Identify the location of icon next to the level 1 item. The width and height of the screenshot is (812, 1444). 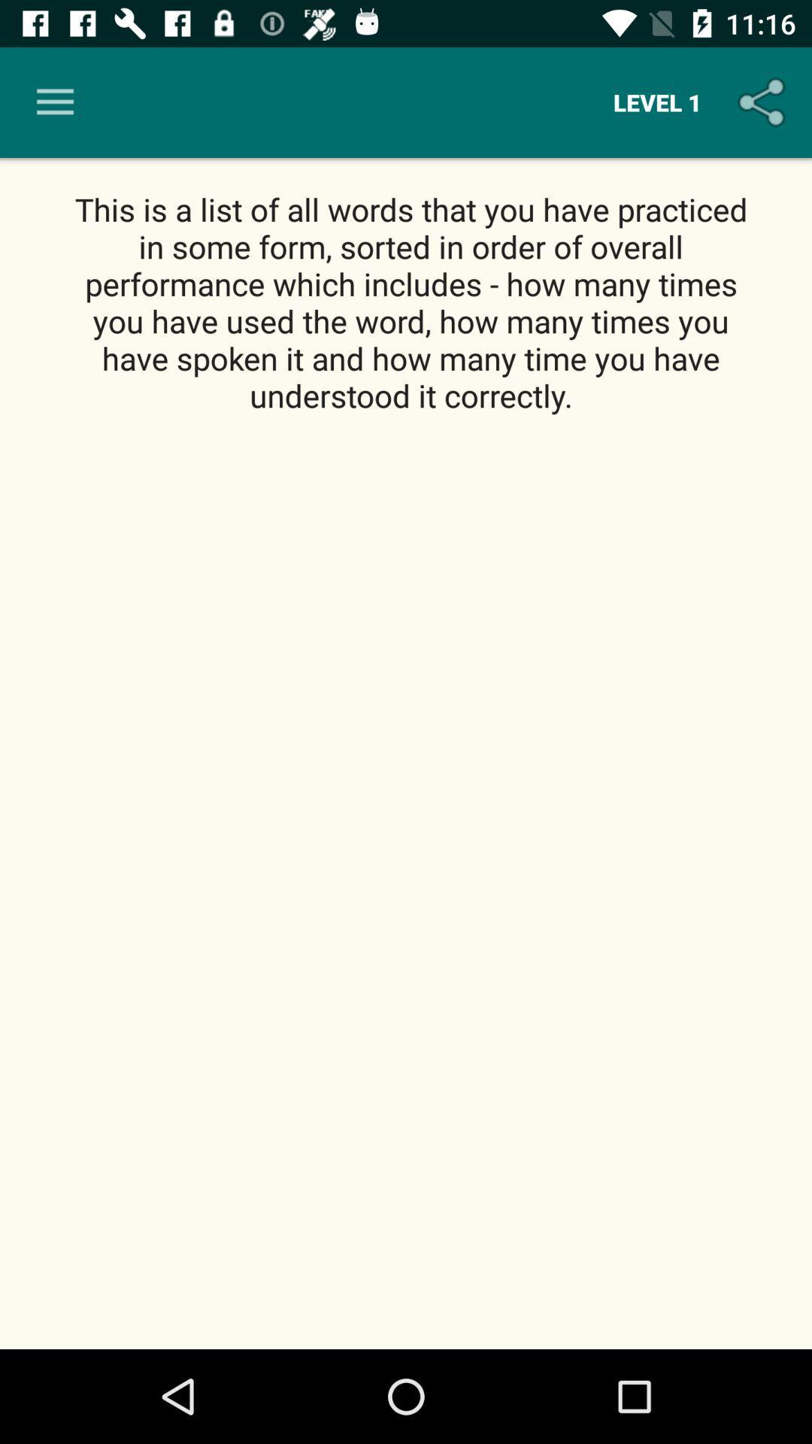
(765, 102).